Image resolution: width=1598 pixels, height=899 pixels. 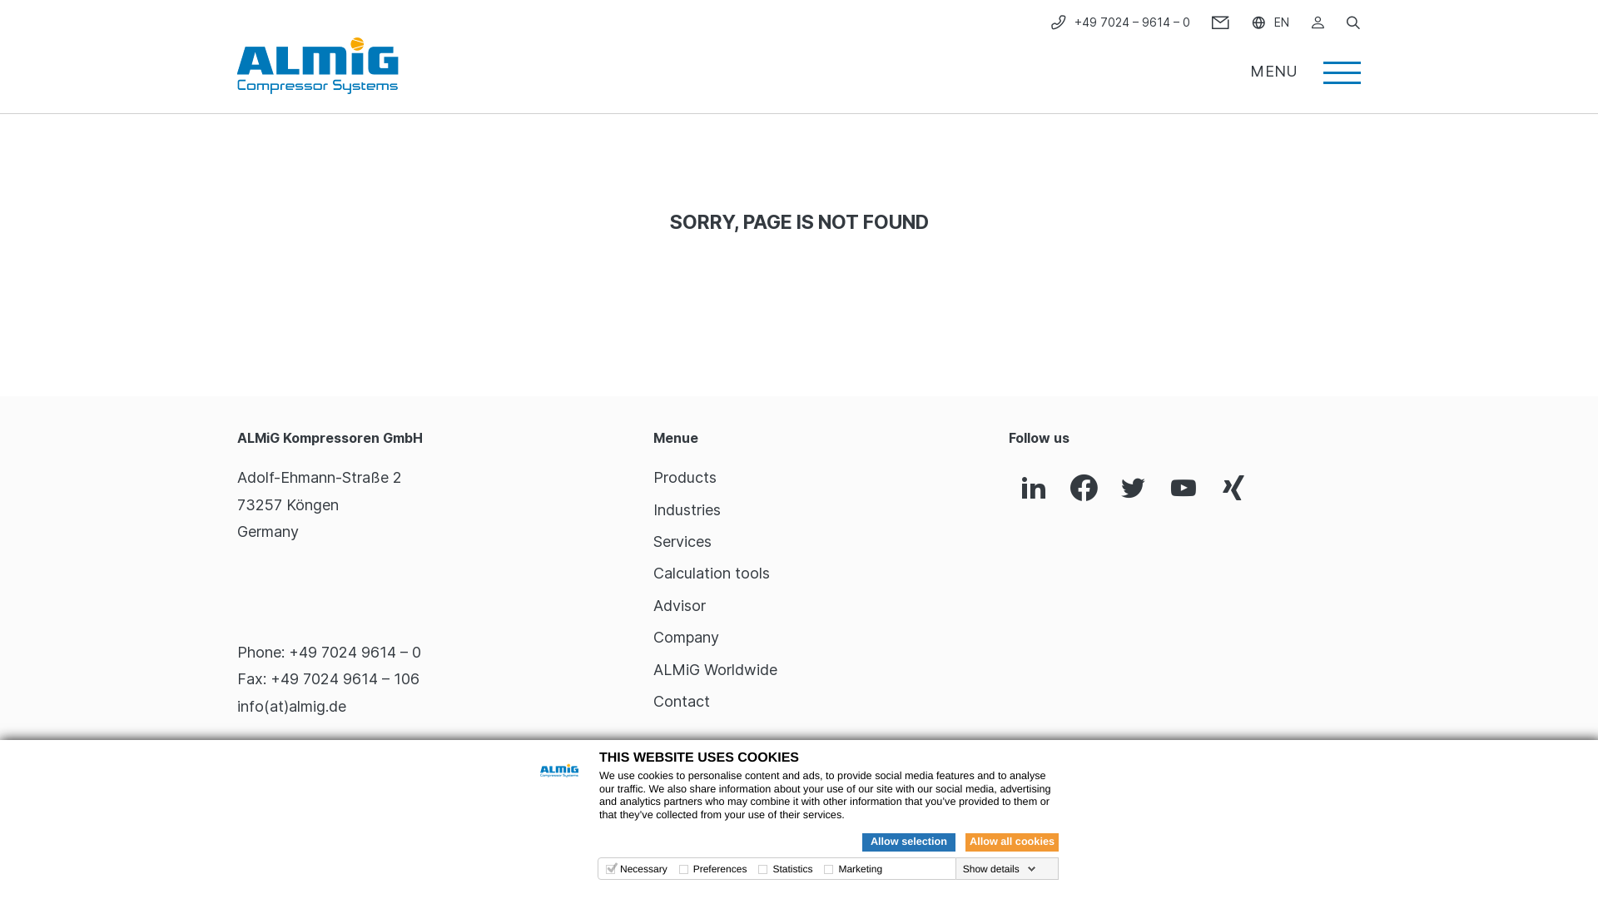 I want to click on 'Company', so click(x=686, y=637).